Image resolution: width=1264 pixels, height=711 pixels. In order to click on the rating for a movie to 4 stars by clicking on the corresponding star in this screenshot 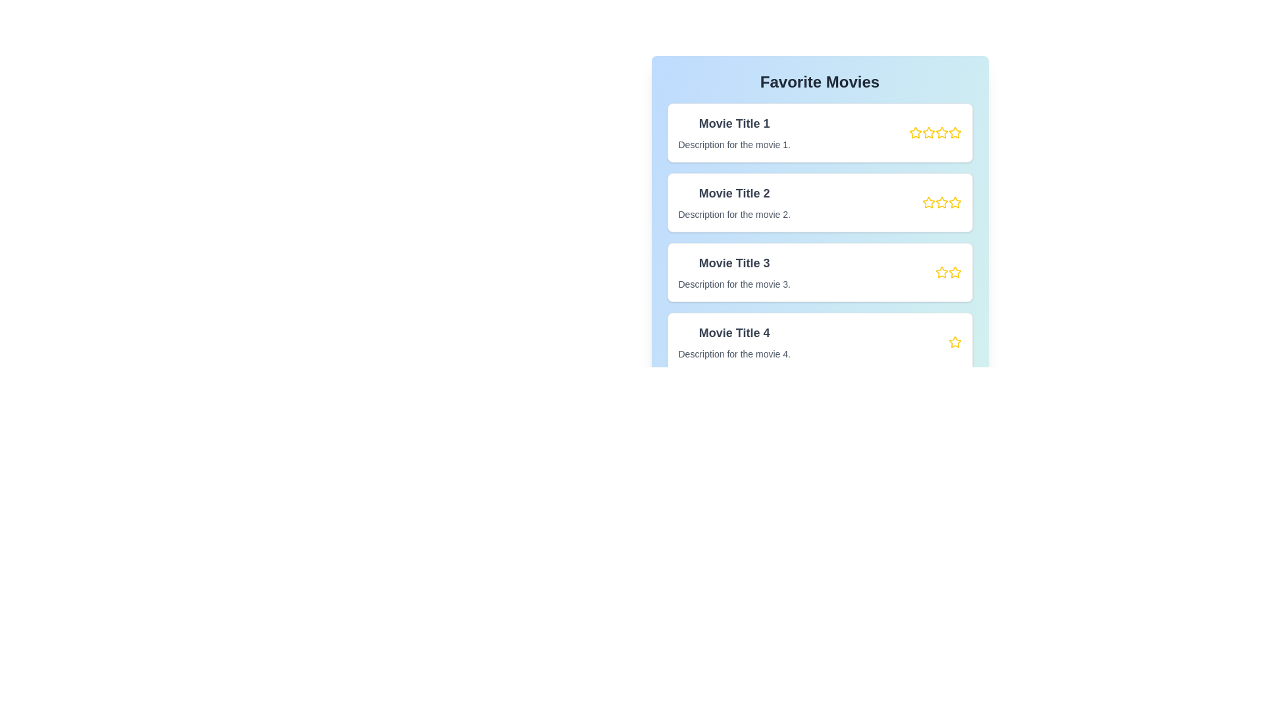, I will do `click(955, 132)`.